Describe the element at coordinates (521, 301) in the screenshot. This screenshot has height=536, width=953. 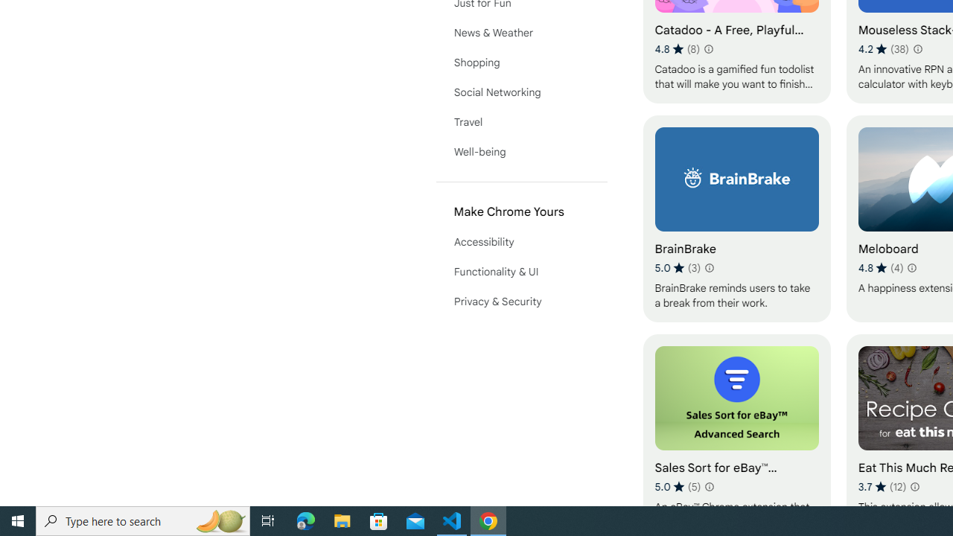
I see `'Privacy & Security'` at that location.